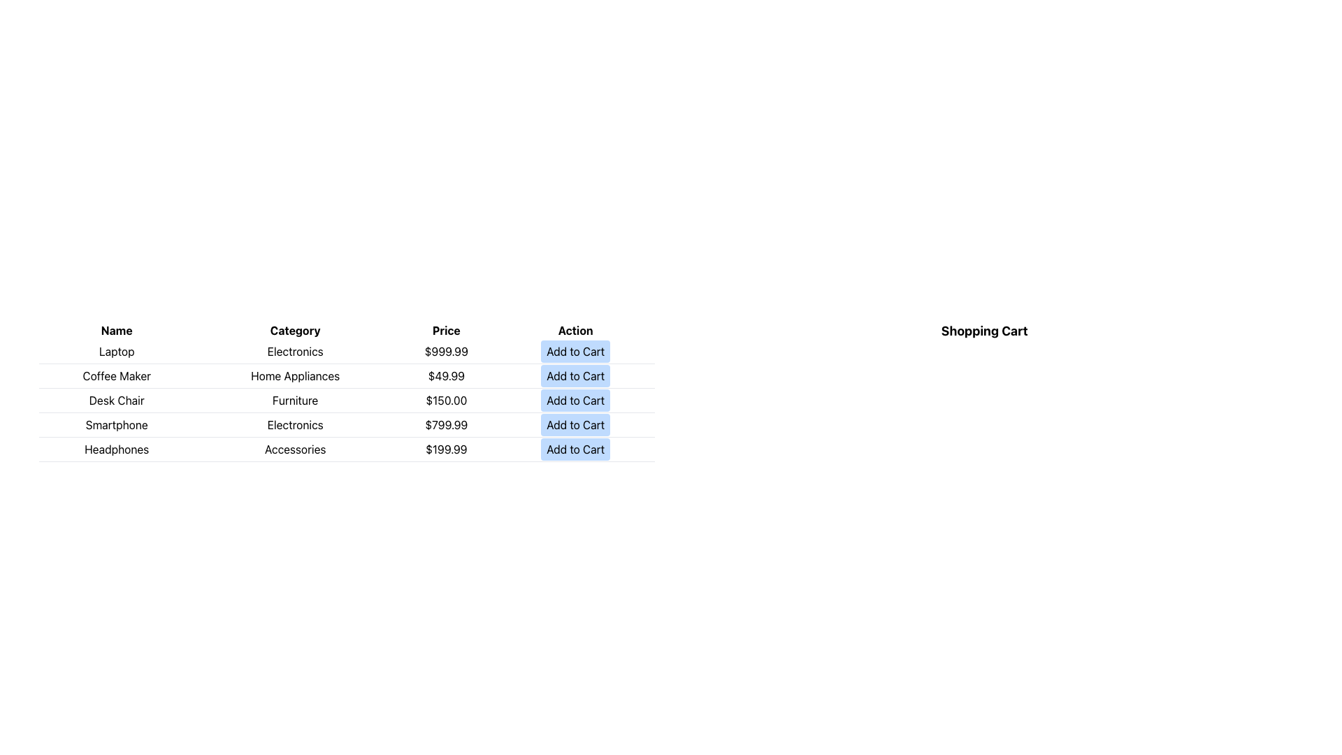  What do you see at coordinates (445, 424) in the screenshot?
I see `the price label displaying '$799.99', which is located in the 'Price' column of the fourth row, to the left of the 'Add to Cart' button for the 'Smartphone'` at bounding box center [445, 424].